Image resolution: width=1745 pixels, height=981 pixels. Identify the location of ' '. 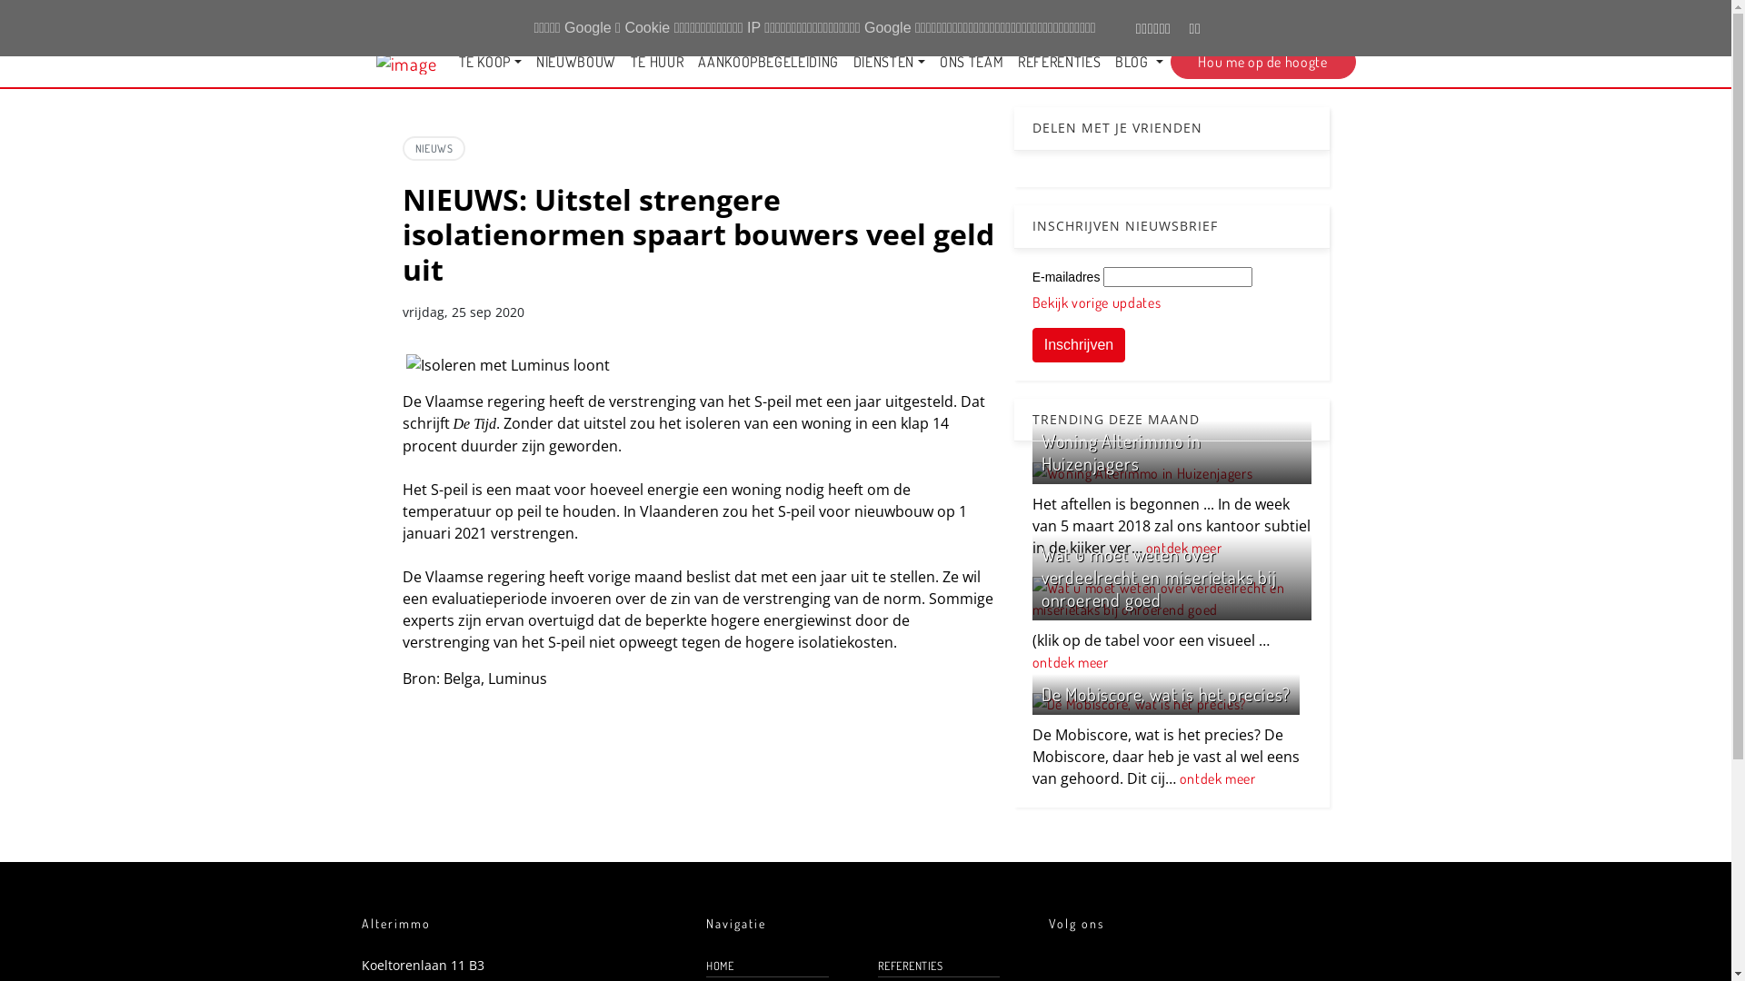
(1343, 17).